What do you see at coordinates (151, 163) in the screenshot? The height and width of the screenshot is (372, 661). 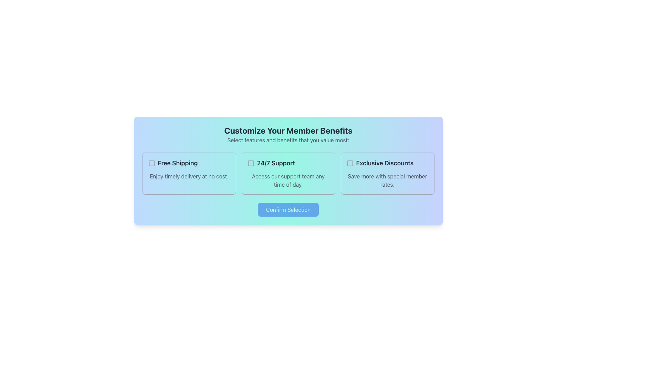 I see `the unselected checkbox for the 'Free Shipping' option` at bounding box center [151, 163].